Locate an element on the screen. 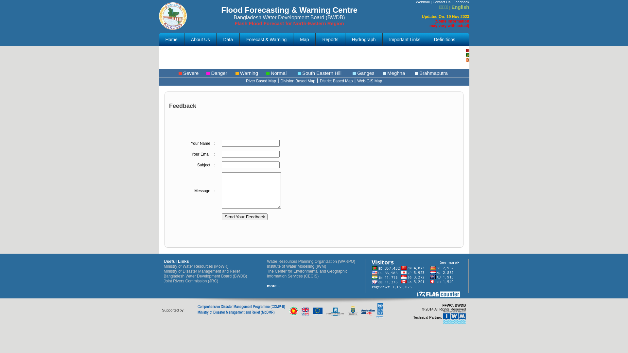 The image size is (628, 353). 'Feedback' is located at coordinates (453, 2).